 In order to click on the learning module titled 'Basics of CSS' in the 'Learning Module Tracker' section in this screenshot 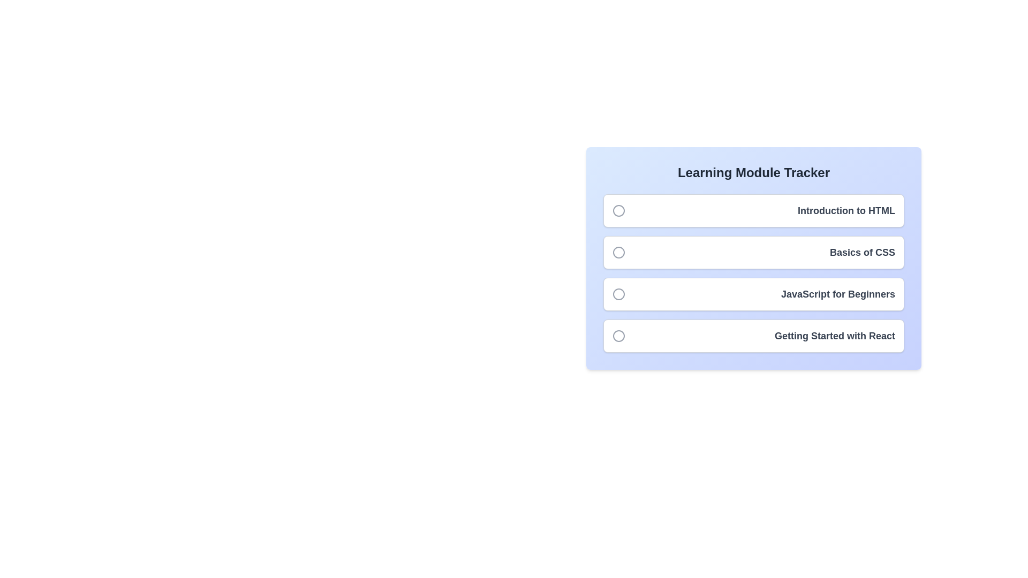, I will do `click(753, 252)`.